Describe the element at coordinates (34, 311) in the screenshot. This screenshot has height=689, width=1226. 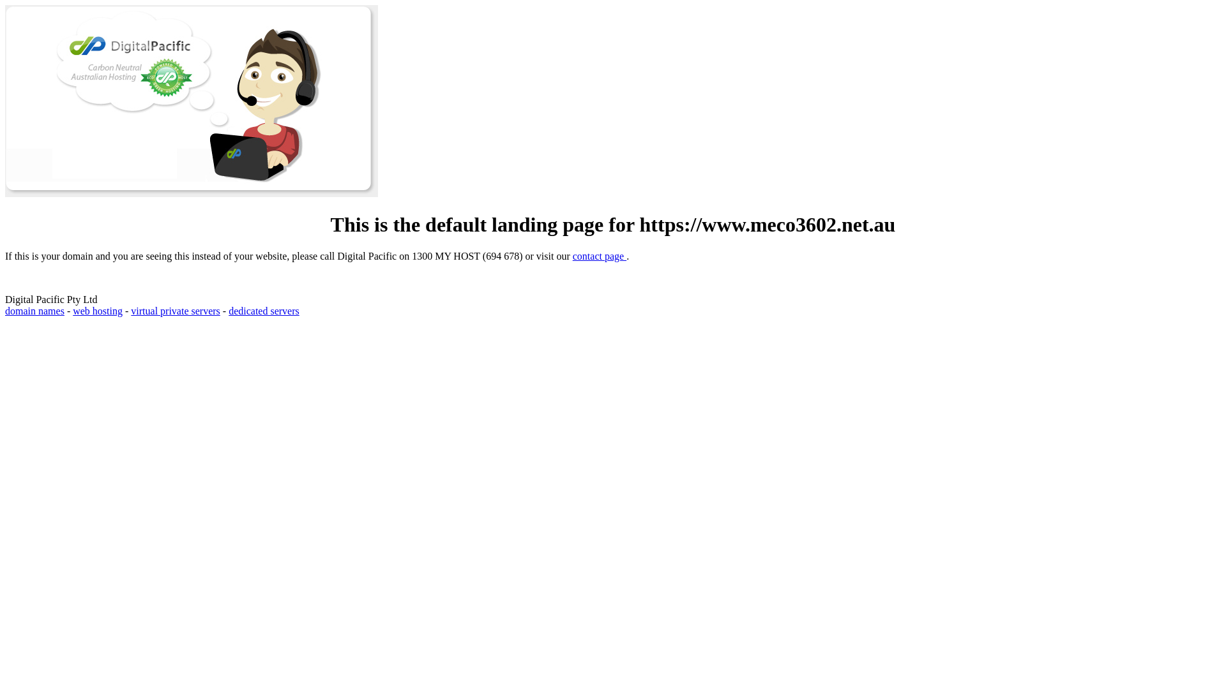
I see `'domain names'` at that location.